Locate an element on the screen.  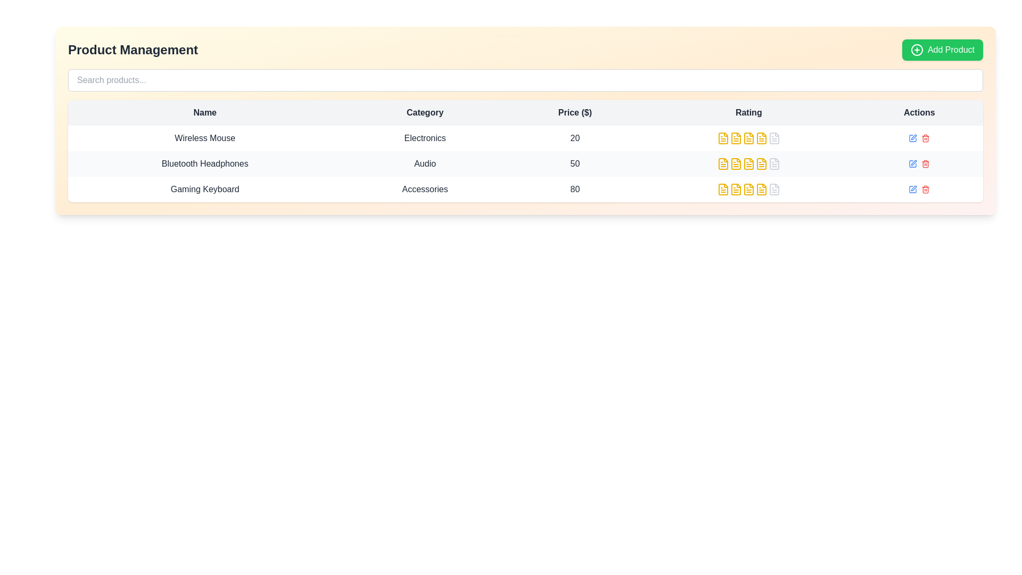
the document icon representing the rating for 'Wireless Mouse' in the product list table is located at coordinates (774, 137).